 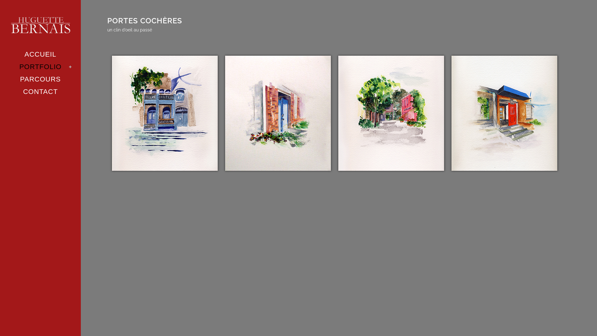 What do you see at coordinates (40, 91) in the screenshot?
I see `'CONTACT'` at bounding box center [40, 91].